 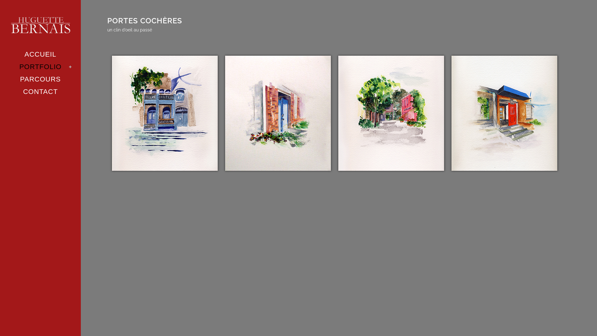 What do you see at coordinates (40, 91) in the screenshot?
I see `'CONTACT'` at bounding box center [40, 91].